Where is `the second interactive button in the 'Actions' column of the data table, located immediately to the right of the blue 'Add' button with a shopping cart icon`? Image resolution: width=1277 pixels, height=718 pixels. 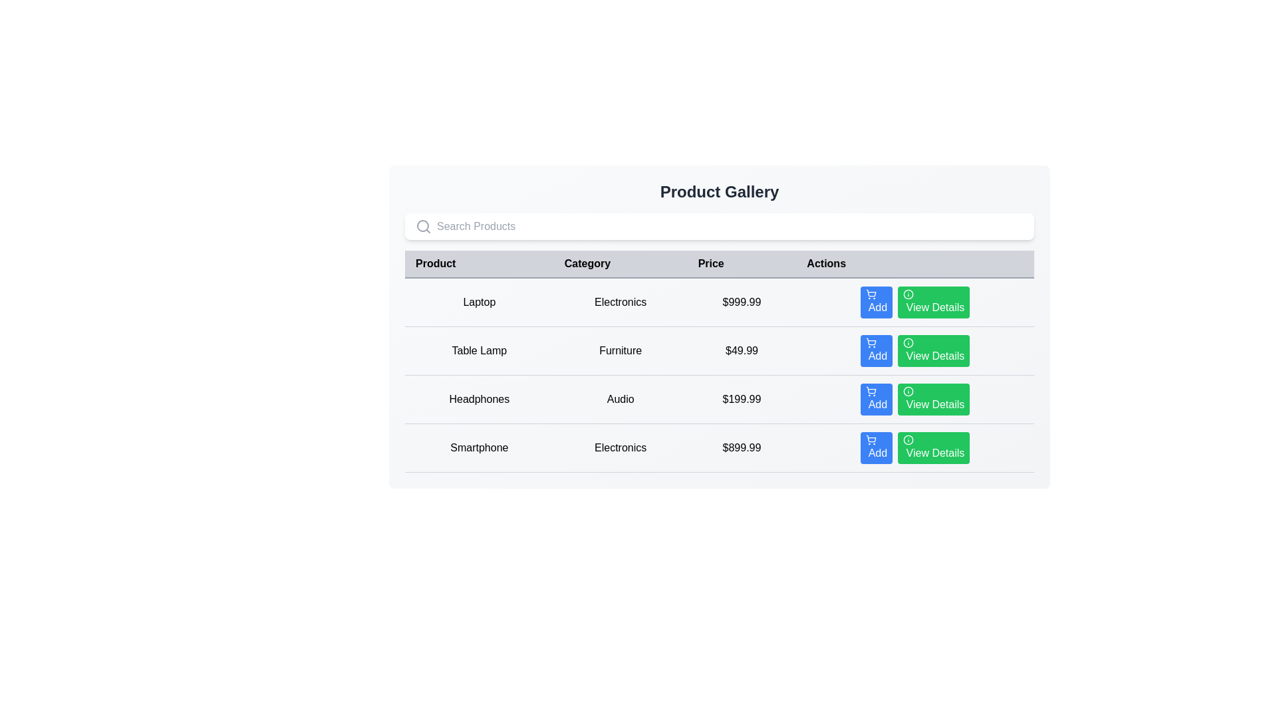
the second interactive button in the 'Actions' column of the data table, located immediately to the right of the blue 'Add' button with a shopping cart icon is located at coordinates (933, 302).